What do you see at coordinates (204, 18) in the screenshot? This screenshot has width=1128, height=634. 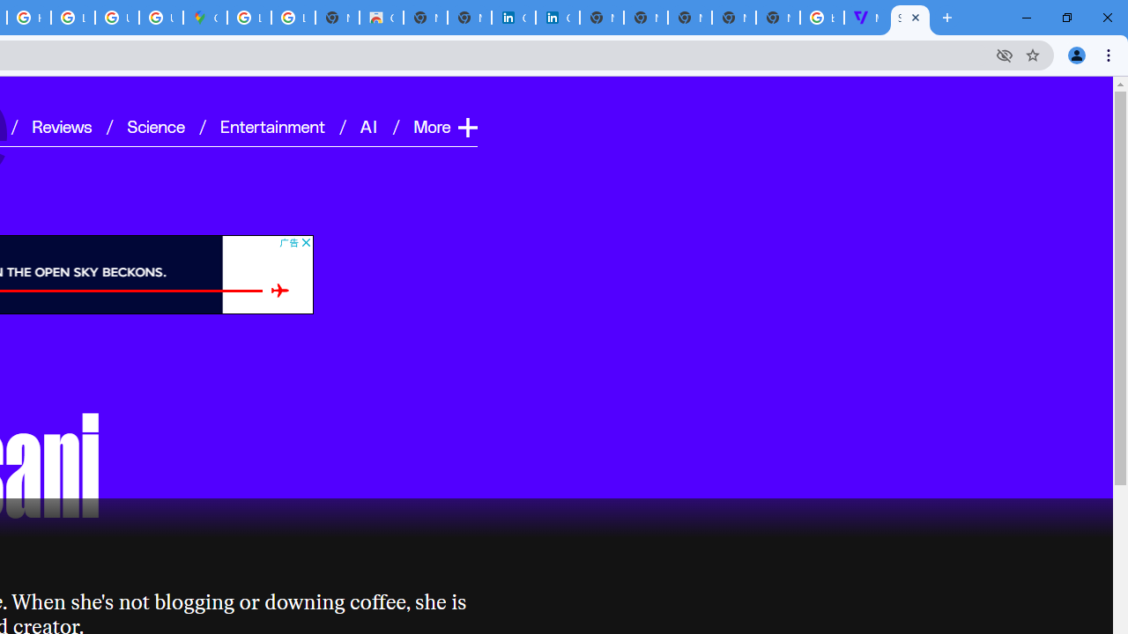 I see `'Google Maps'` at bounding box center [204, 18].